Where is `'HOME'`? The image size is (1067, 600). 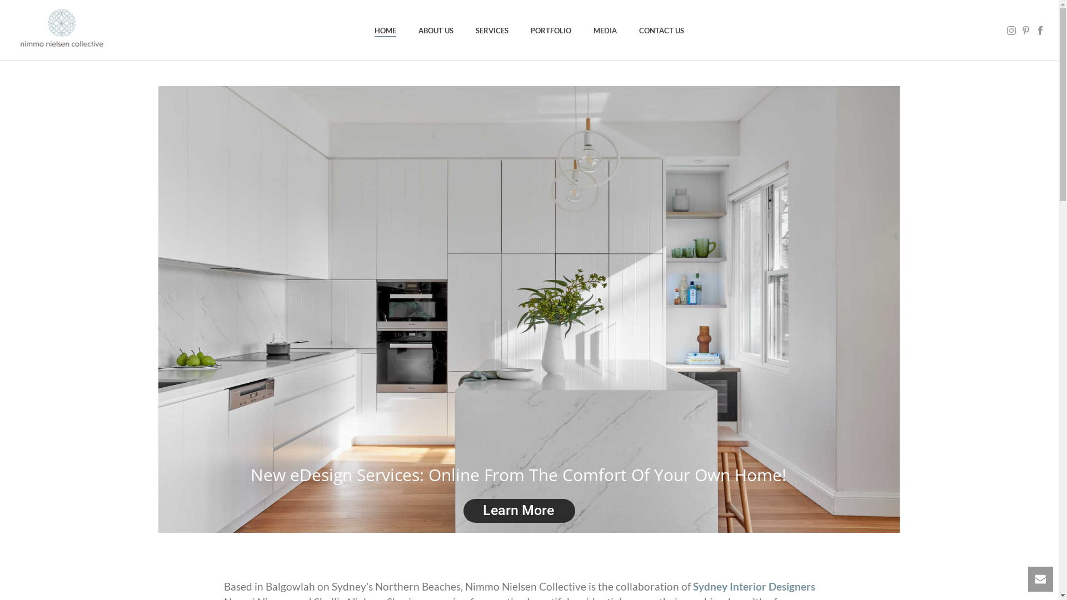 'HOME' is located at coordinates (363, 29).